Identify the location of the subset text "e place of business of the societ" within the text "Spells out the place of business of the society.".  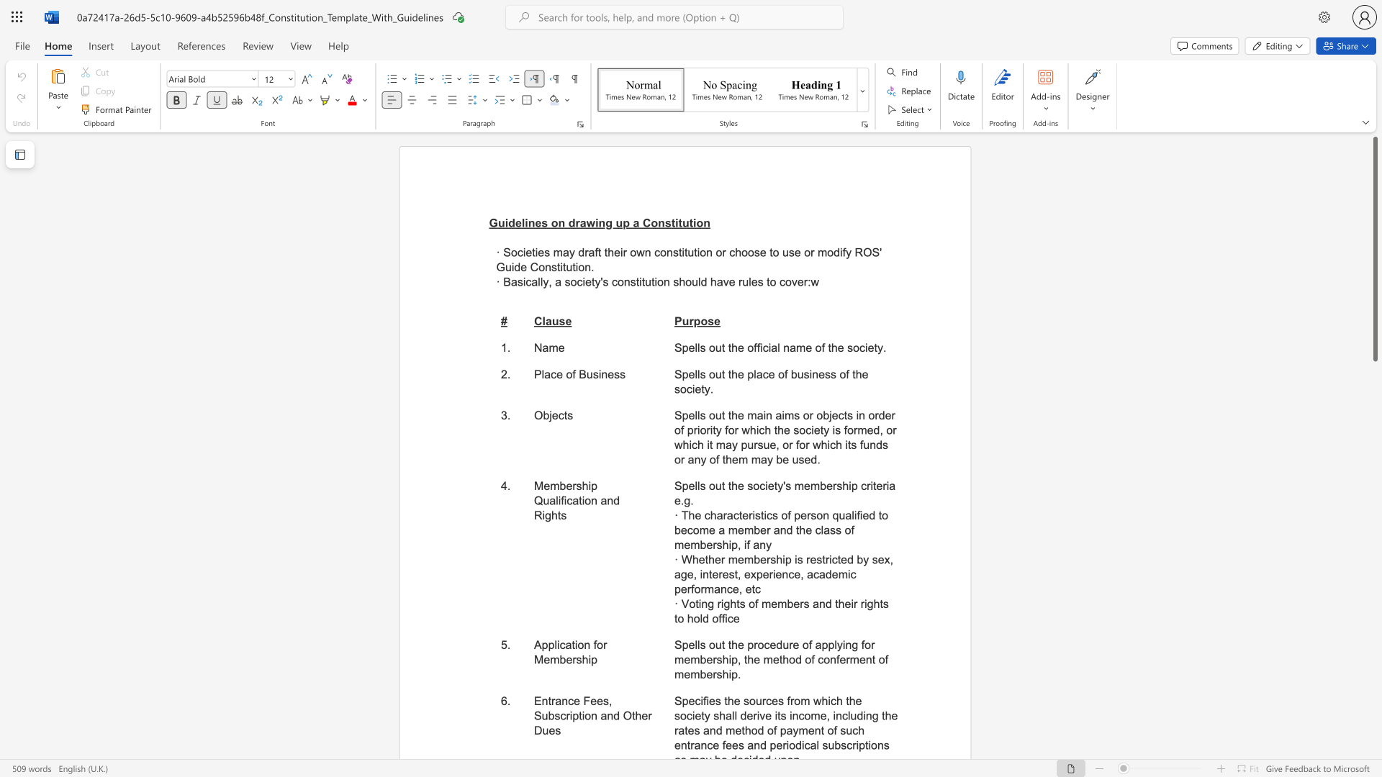
(738, 373).